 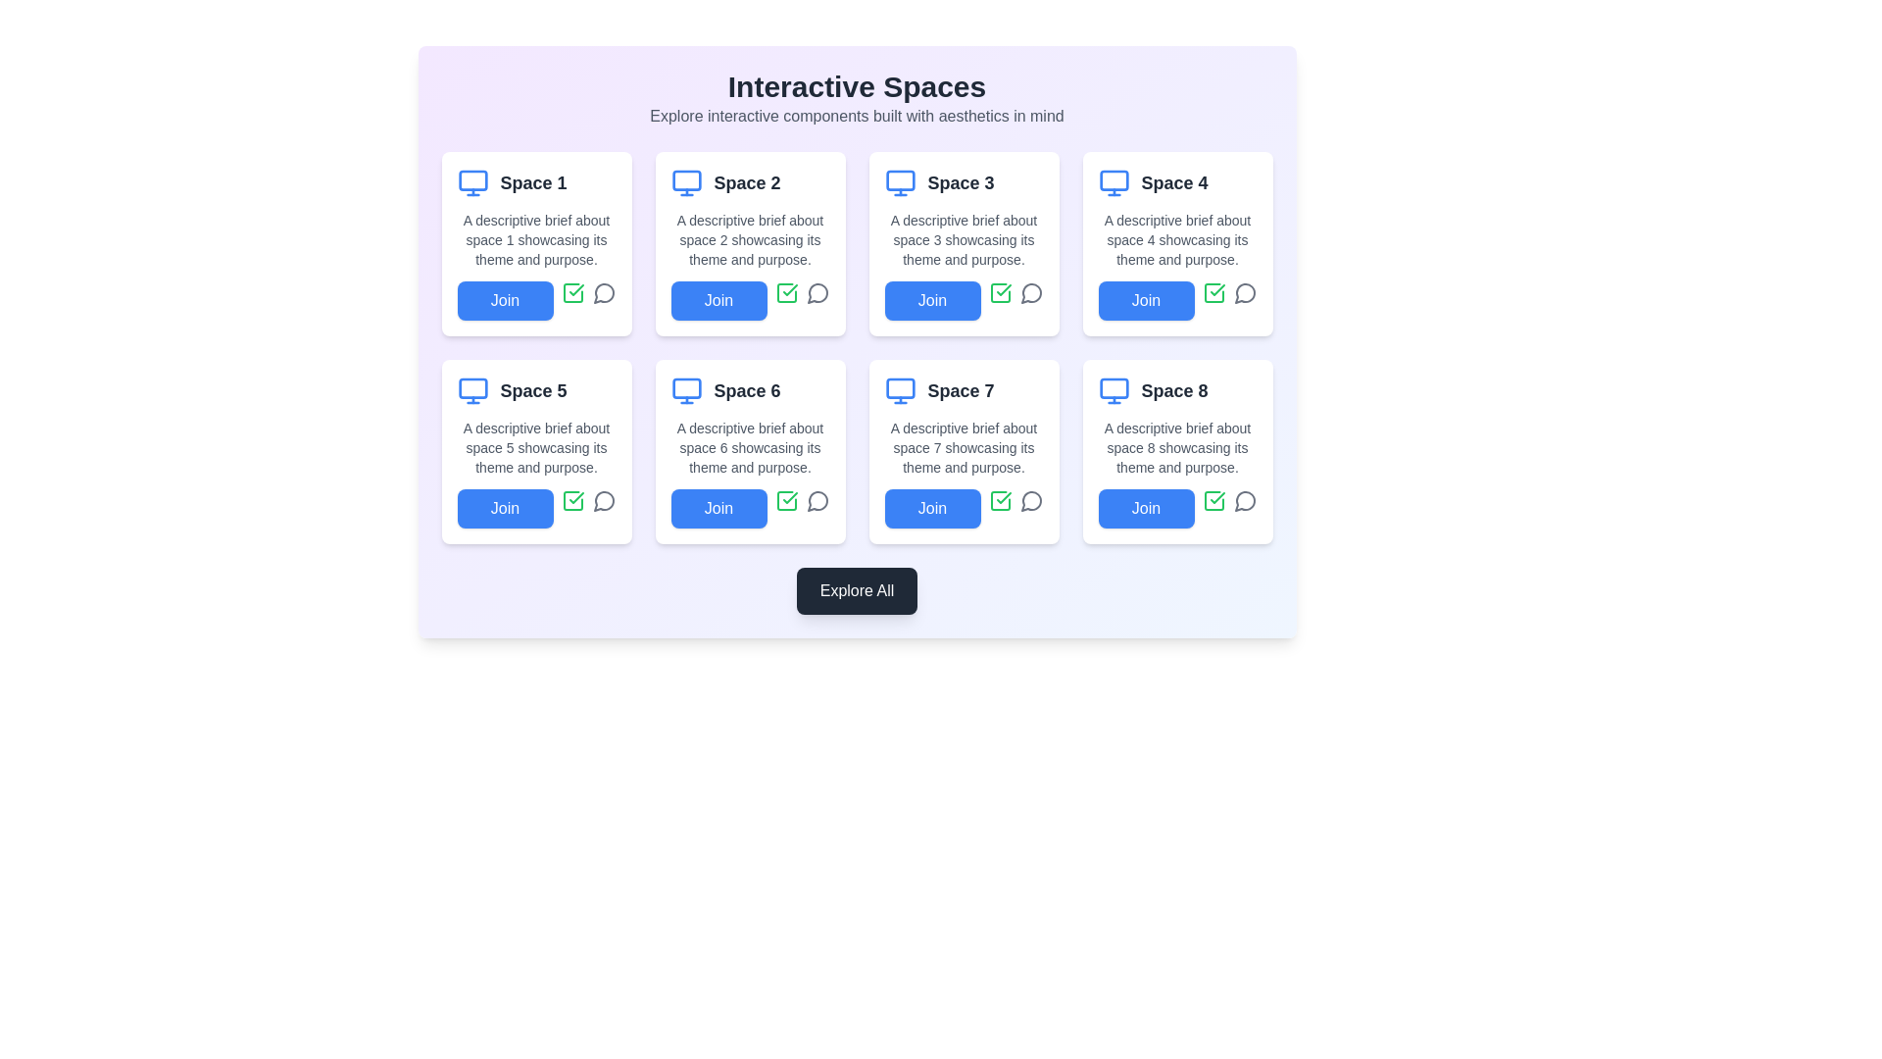 What do you see at coordinates (931, 508) in the screenshot?
I see `the blue 'Join' button with rounded corners located in the bottom section of the 'Space 7' card to observe a potential styling change` at bounding box center [931, 508].